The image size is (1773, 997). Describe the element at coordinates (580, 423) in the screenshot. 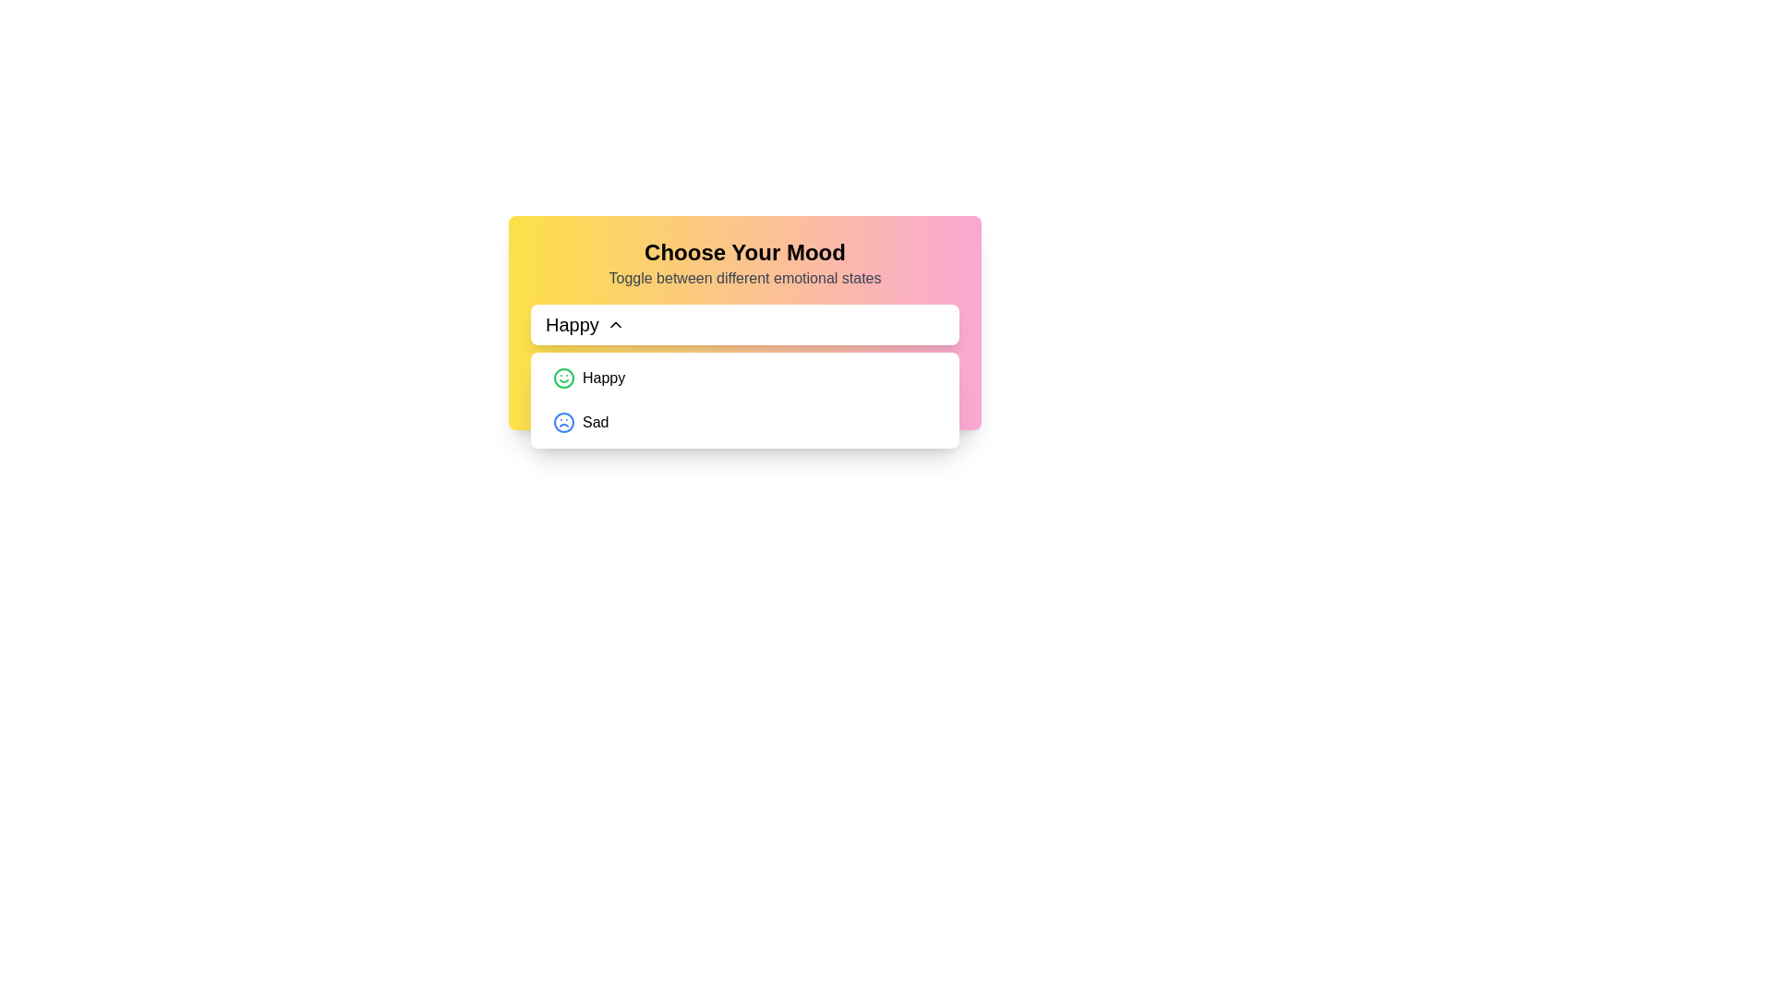

I see `the 'Sad' mood button located in the dropdown list under the 'Choose Your Mood' section` at that location.